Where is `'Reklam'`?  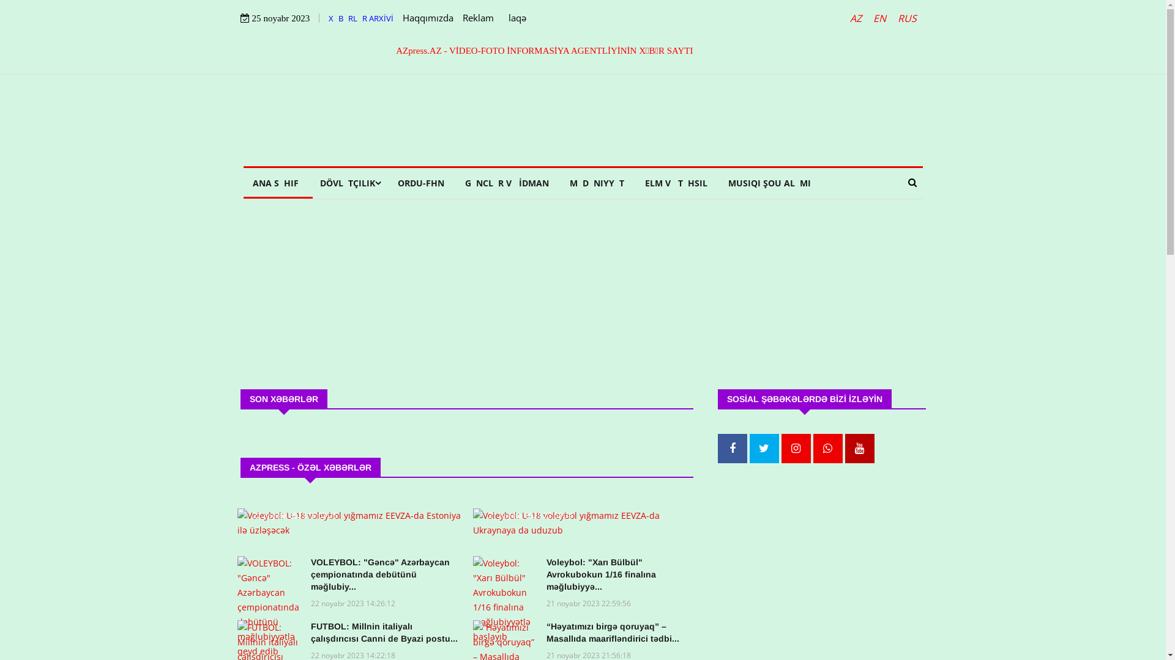
'Reklam' is located at coordinates (477, 18).